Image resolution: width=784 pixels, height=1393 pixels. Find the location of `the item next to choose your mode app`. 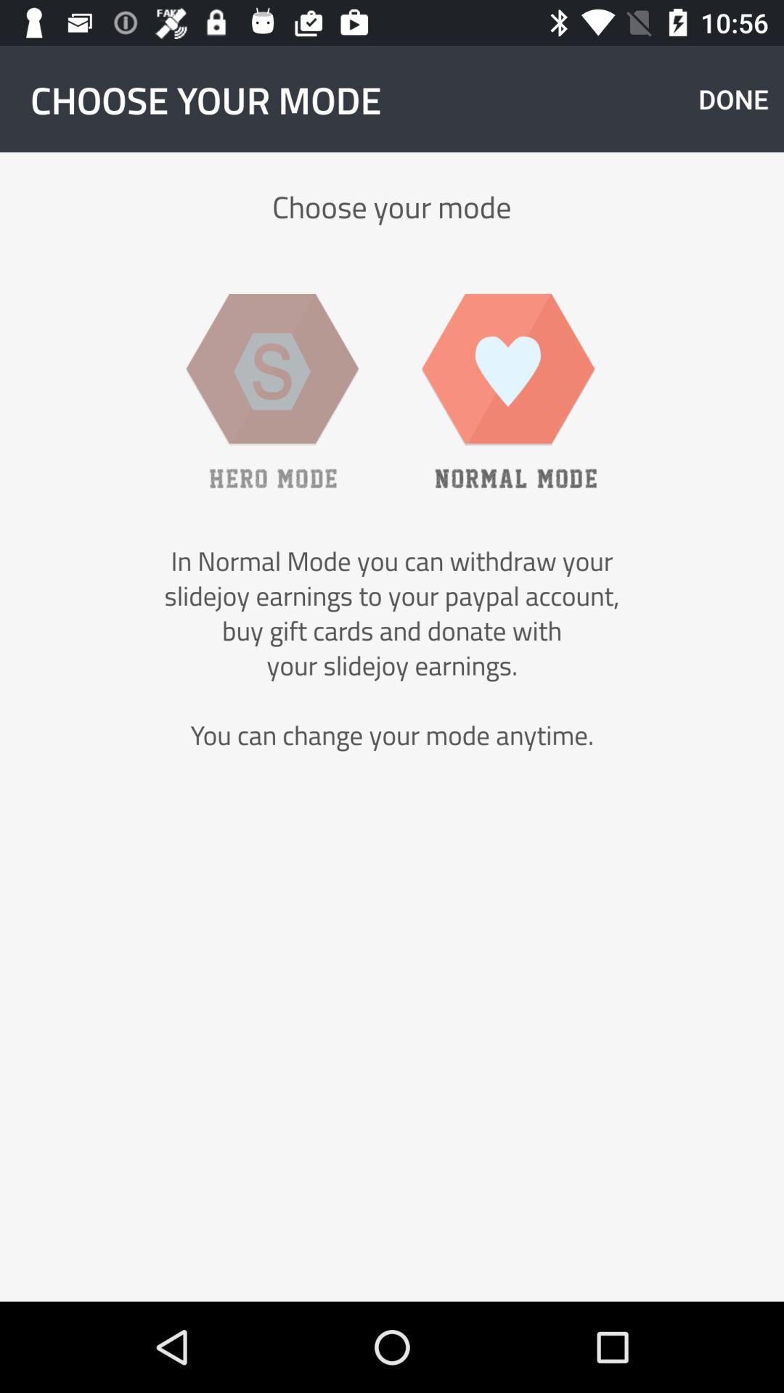

the item next to choose your mode app is located at coordinates (733, 98).